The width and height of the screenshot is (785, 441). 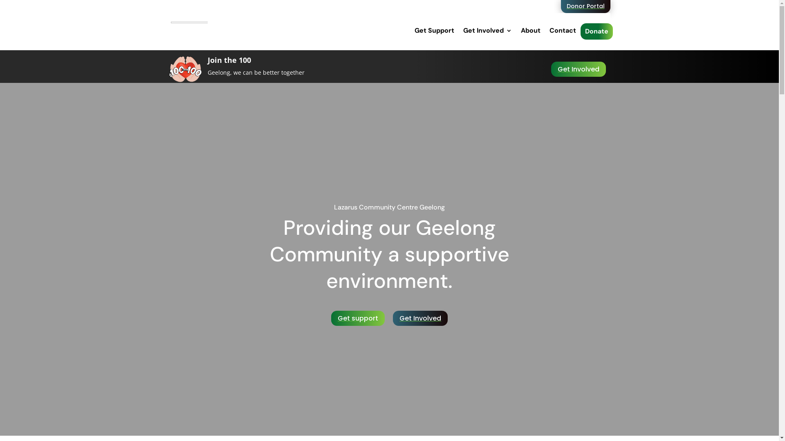 I want to click on 'Get Support', so click(x=434, y=30).